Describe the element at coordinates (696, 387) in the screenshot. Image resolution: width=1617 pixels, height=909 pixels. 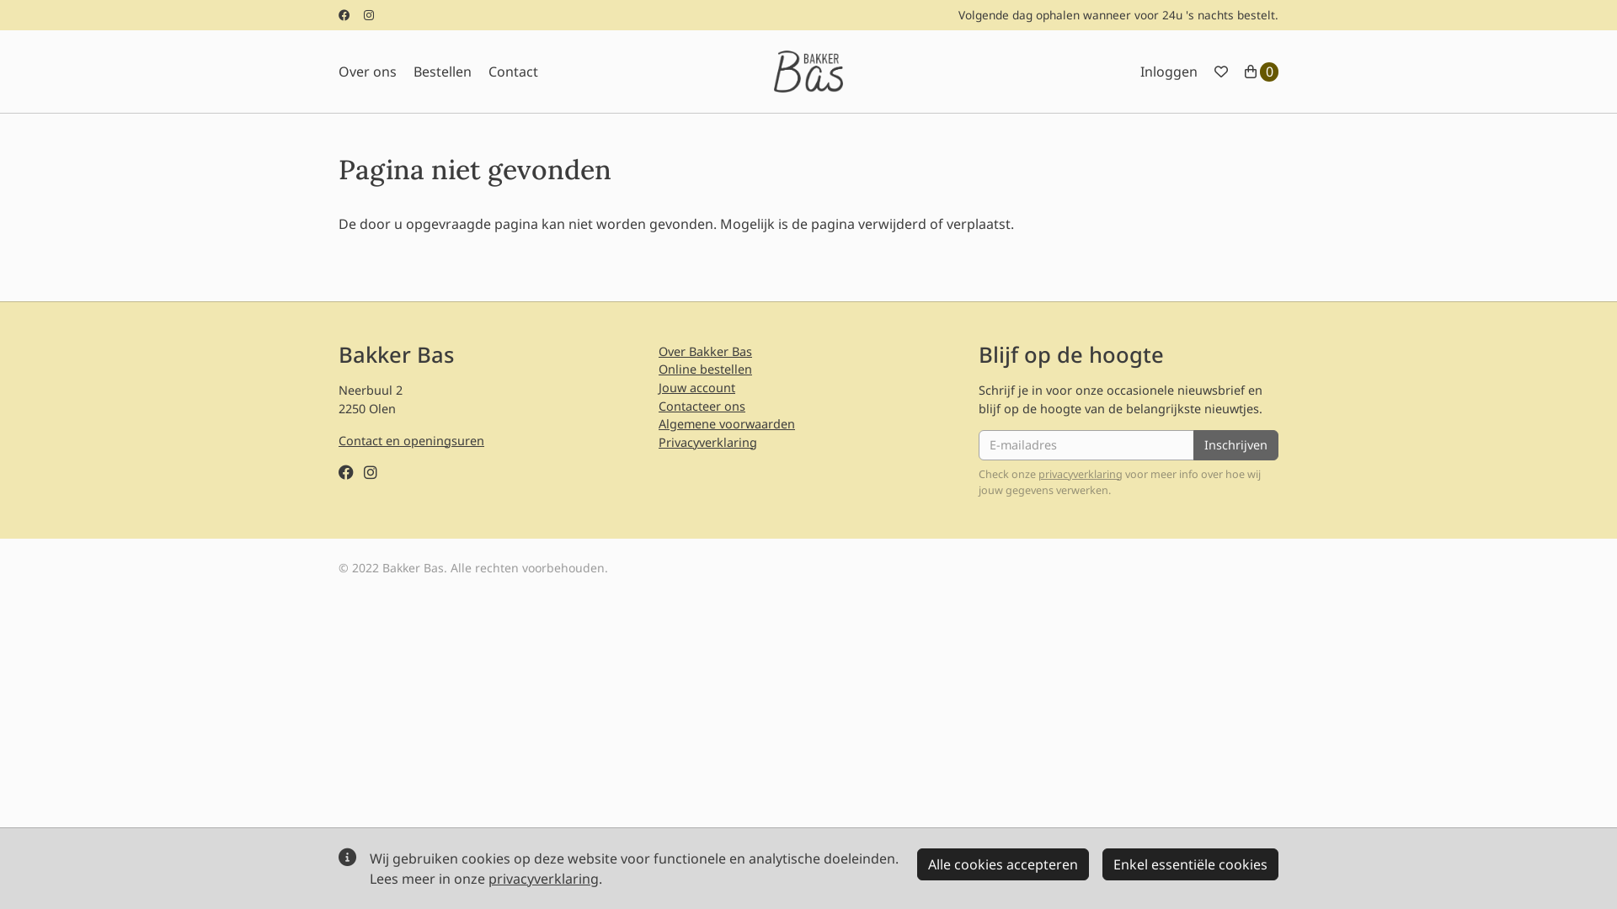
I see `'Jouw account'` at that location.